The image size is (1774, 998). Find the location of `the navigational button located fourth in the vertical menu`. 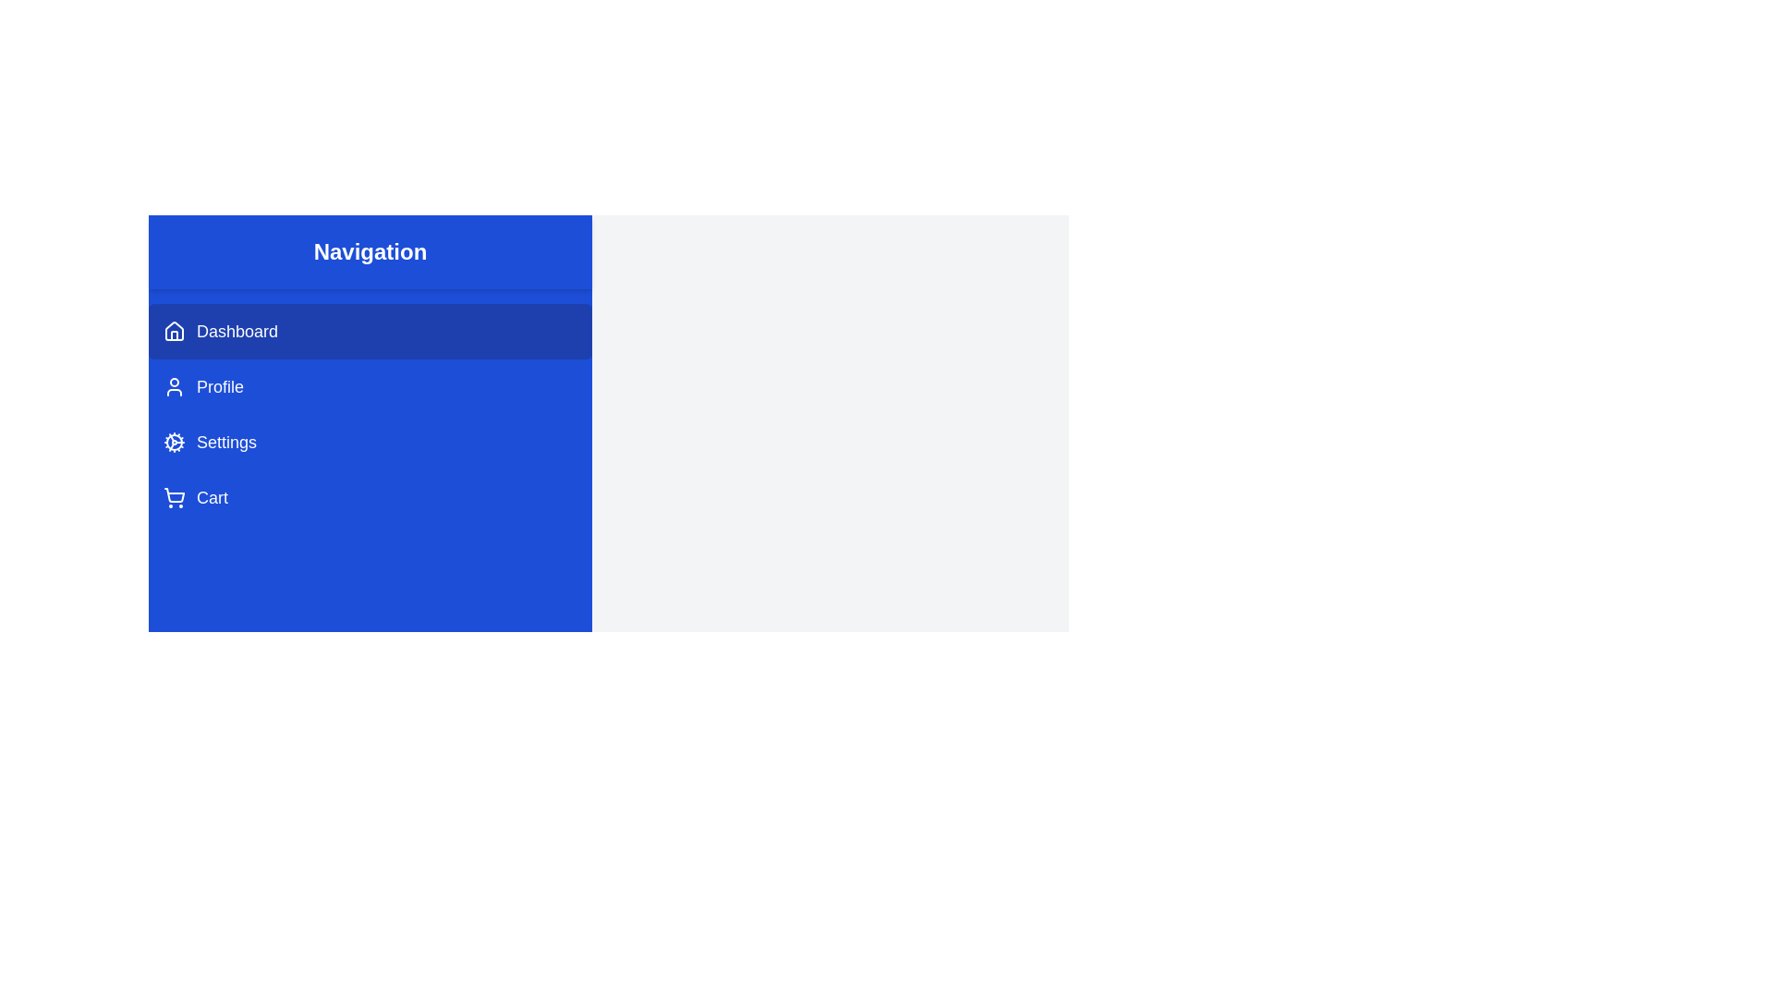

the navigational button located fourth in the vertical menu is located at coordinates (370, 497).